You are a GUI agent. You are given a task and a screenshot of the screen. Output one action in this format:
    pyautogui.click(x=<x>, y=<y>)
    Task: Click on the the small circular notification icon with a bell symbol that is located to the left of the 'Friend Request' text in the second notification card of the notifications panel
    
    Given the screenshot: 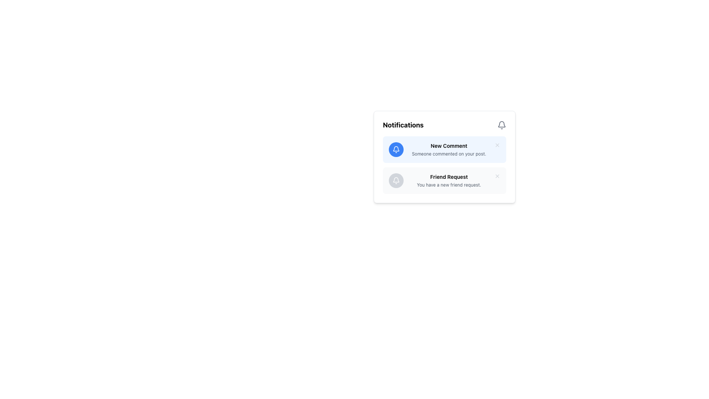 What is the action you would take?
    pyautogui.click(x=396, y=181)
    